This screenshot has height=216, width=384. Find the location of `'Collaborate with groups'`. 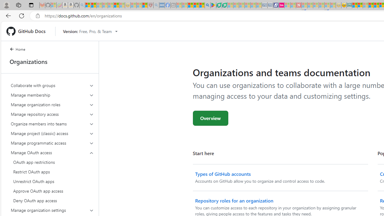

'Collaborate with groups' is located at coordinates (52, 85).